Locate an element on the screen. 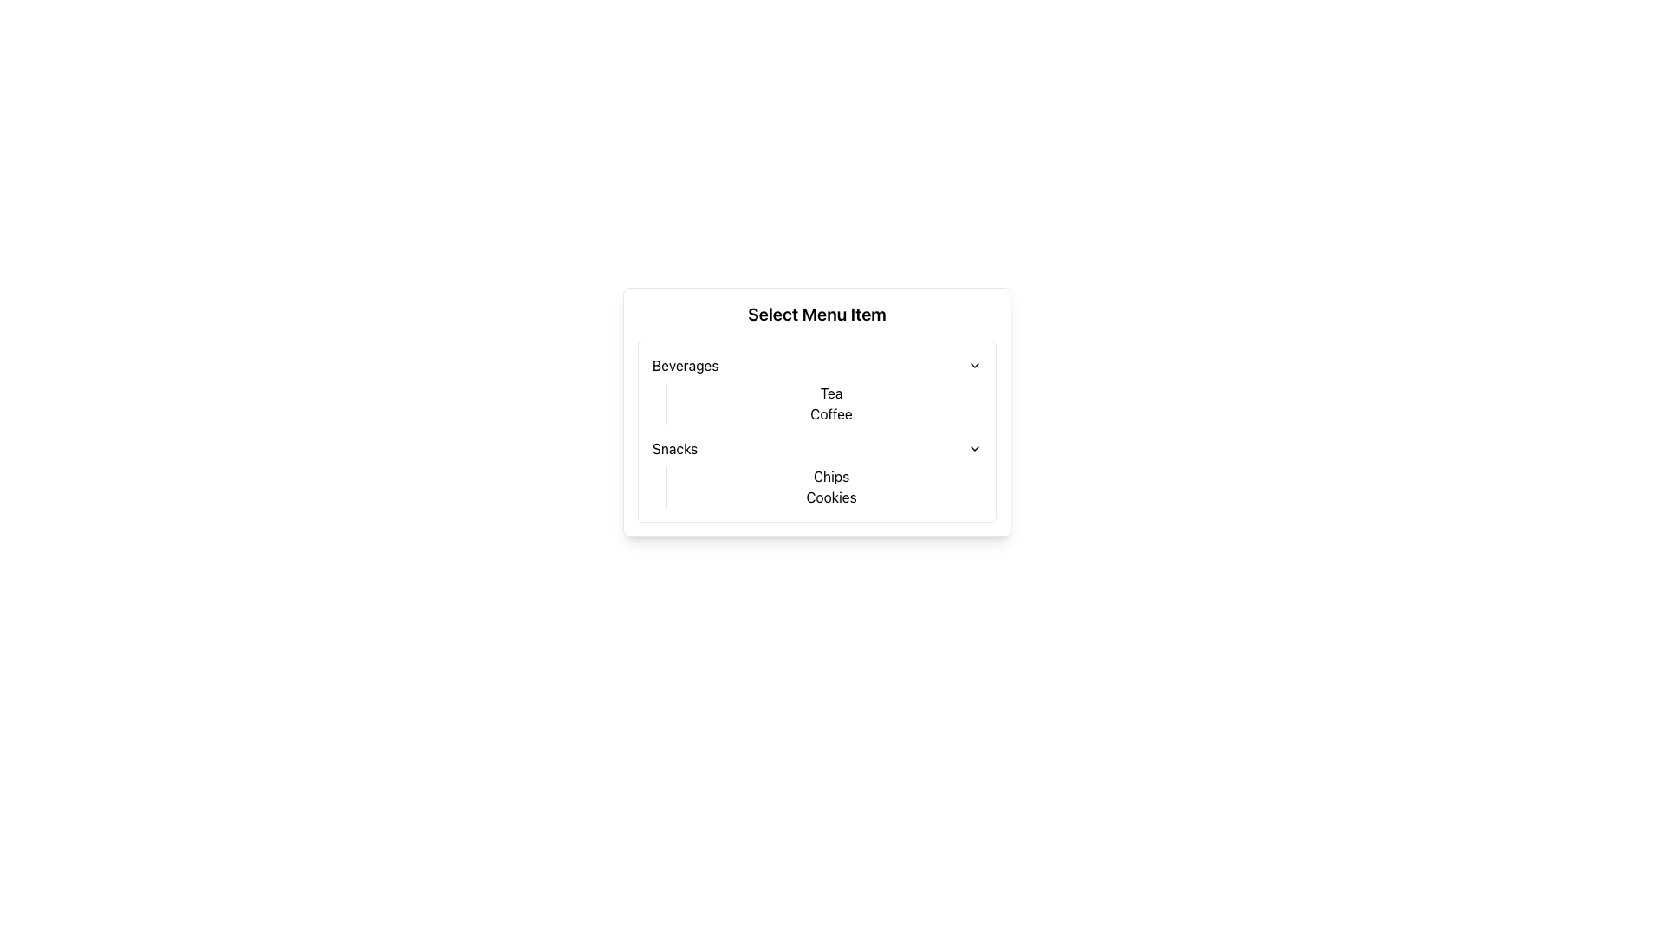  the 'Tea' list item in the 'Beverages' section is located at coordinates (830, 393).